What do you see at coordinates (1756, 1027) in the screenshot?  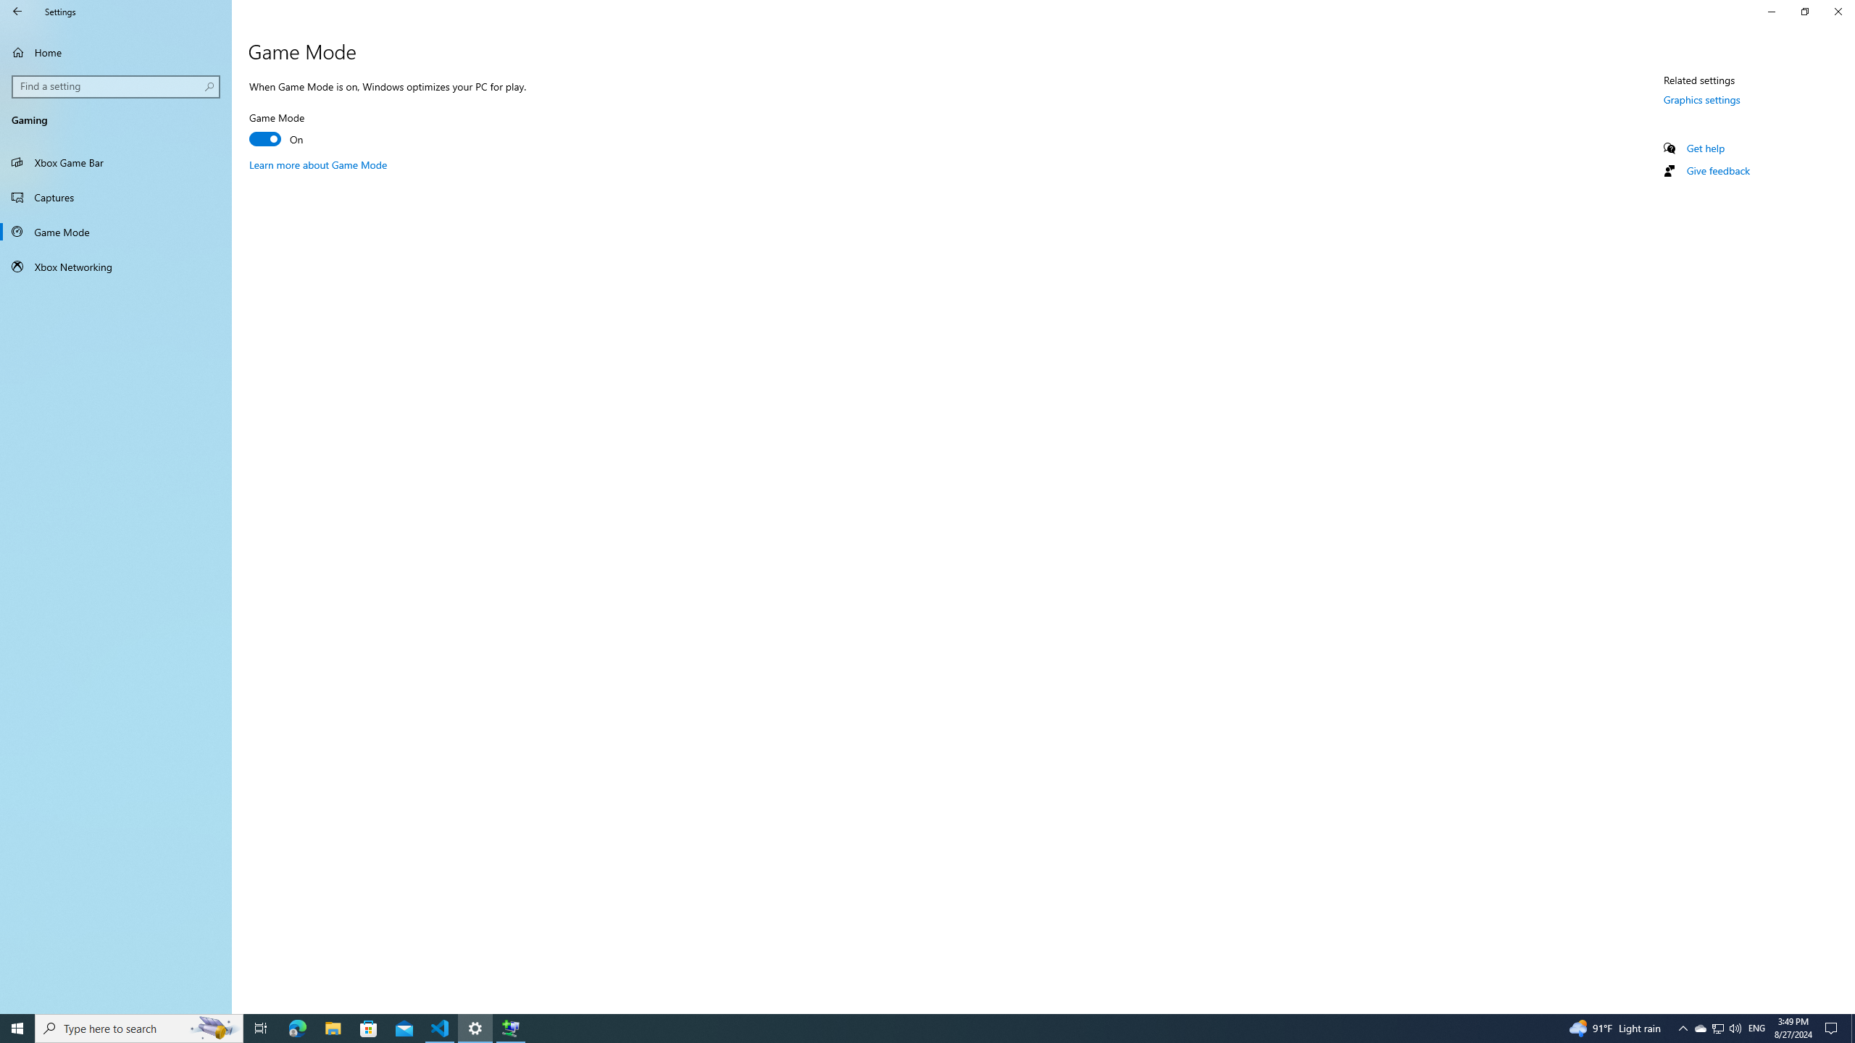 I see `'Tray Input Indicator - English (United States)'` at bounding box center [1756, 1027].